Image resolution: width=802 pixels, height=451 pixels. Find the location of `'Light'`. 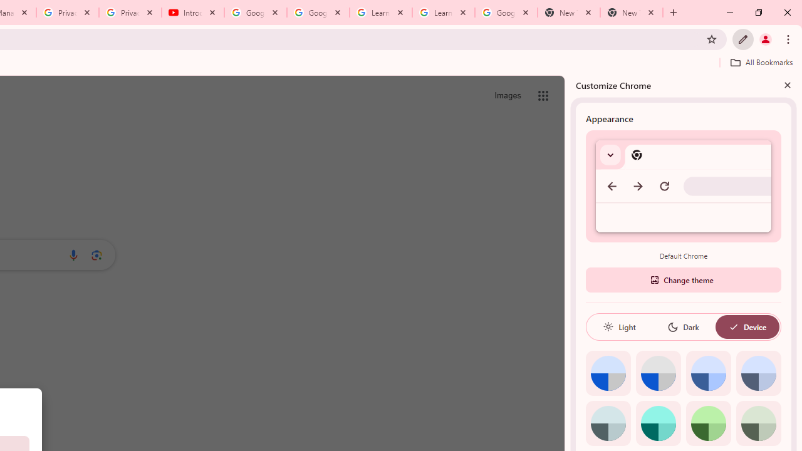

'Light' is located at coordinates (619, 326).